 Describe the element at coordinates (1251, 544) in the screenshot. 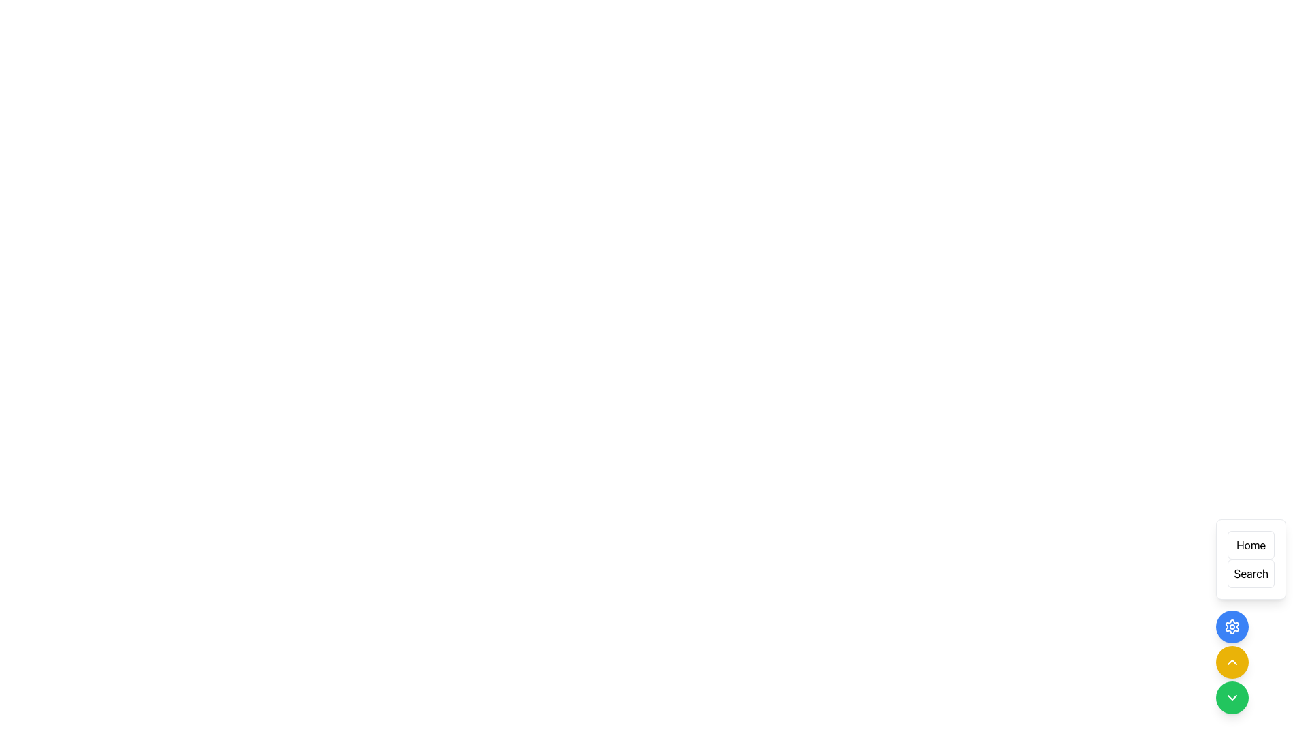

I see `the 'Home' button, which is a rectangular button with rounded corners, white background, and black text centrally aligned` at that location.